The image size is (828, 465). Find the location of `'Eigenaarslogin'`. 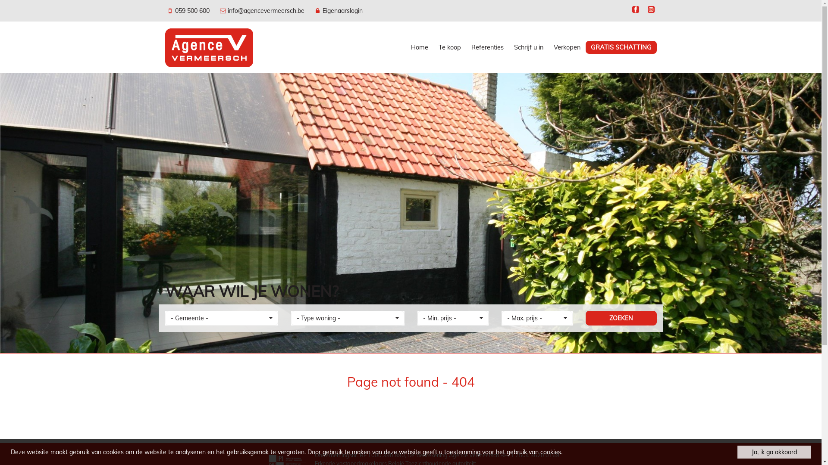

'Eigenaarslogin' is located at coordinates (338, 10).